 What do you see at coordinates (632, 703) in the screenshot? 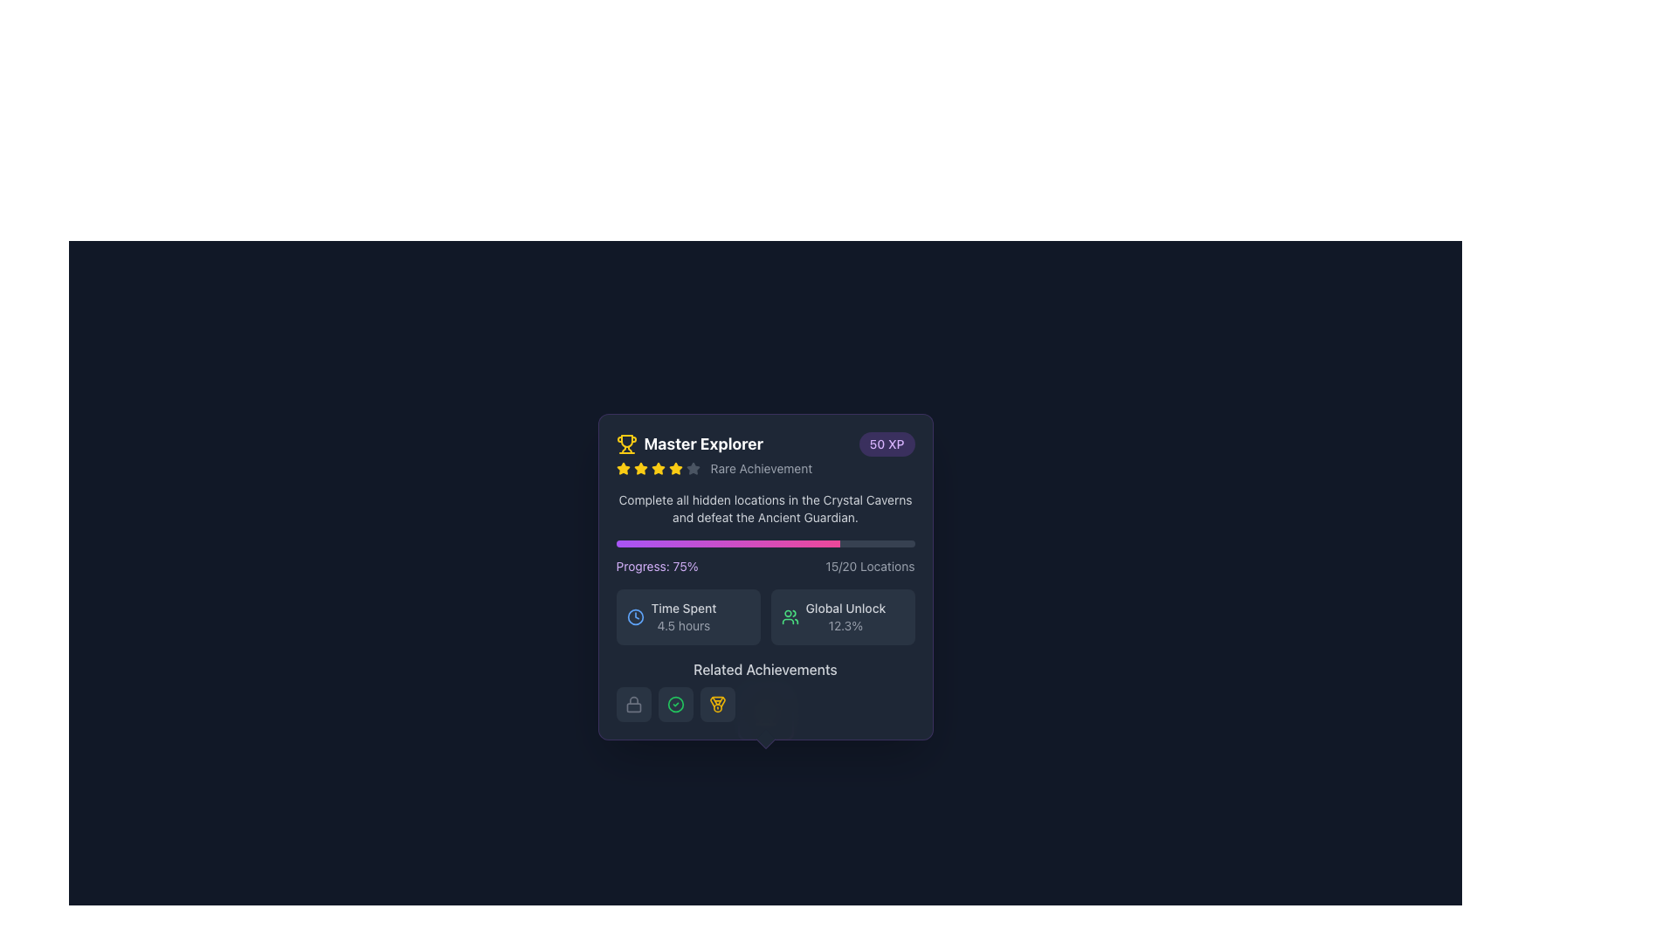
I see `the rounded icon with a gray background and a lock symbol, which is the first icon from the left in the horizontal set of icons at the bottom of a card-like section` at bounding box center [632, 703].